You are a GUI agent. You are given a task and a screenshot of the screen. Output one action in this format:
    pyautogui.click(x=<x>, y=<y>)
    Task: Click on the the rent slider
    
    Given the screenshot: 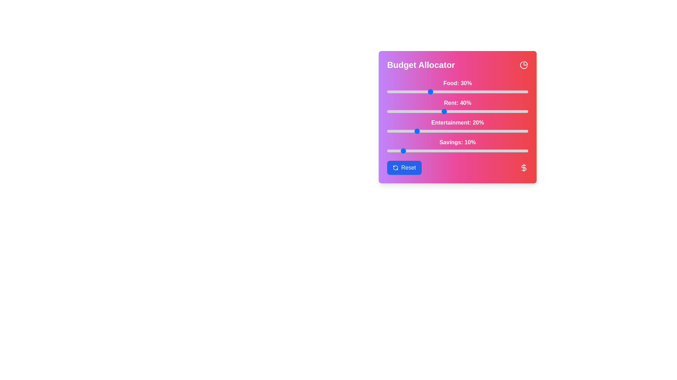 What is the action you would take?
    pyautogui.click(x=411, y=111)
    